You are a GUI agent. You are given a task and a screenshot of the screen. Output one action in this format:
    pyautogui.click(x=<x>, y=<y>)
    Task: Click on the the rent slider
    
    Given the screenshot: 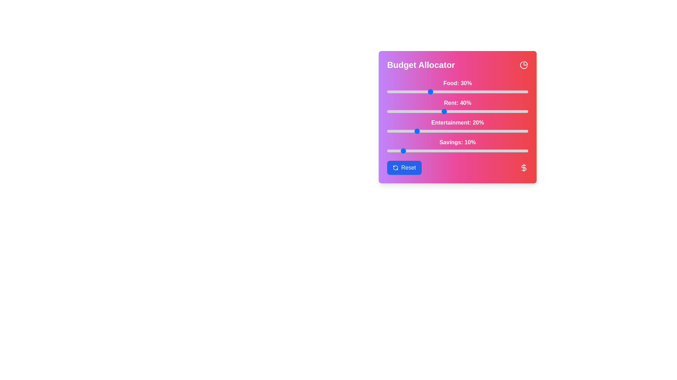 What is the action you would take?
    pyautogui.click(x=411, y=111)
    